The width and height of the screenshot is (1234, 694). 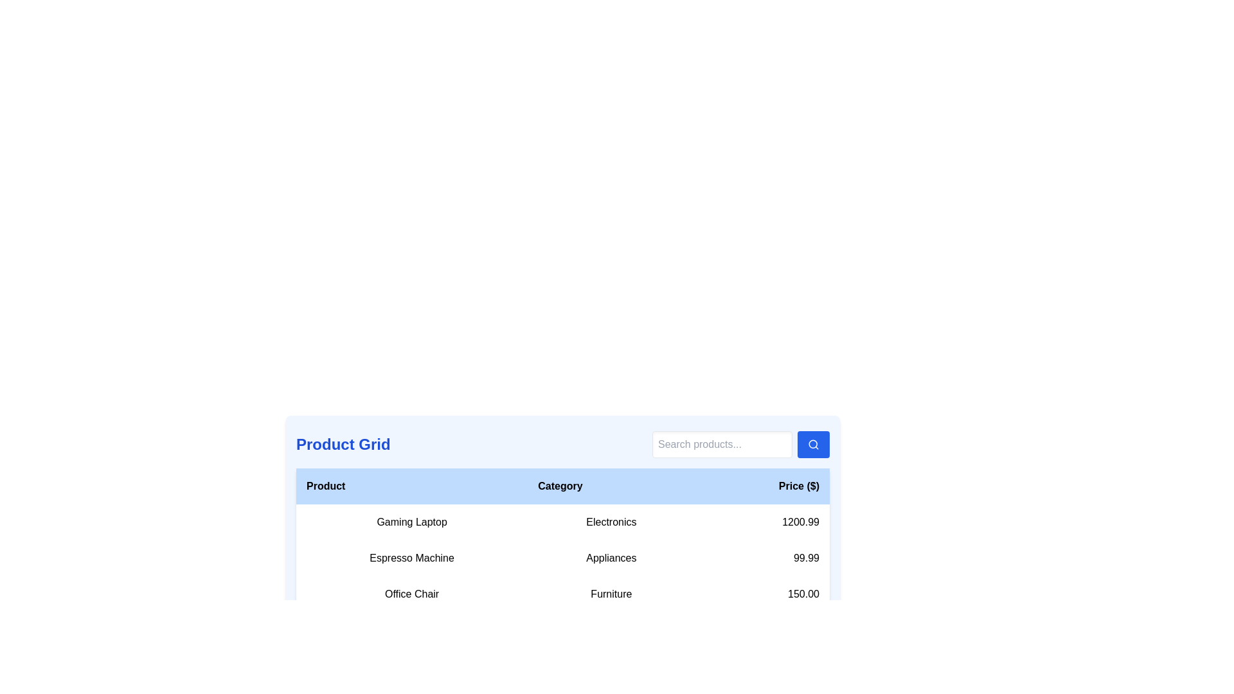 What do you see at coordinates (812, 443) in the screenshot?
I see `the inner circle of the search icon within the SVG graphic, which is part of the decorative elements of the blue button located at the top-right corner of the product grid layout` at bounding box center [812, 443].